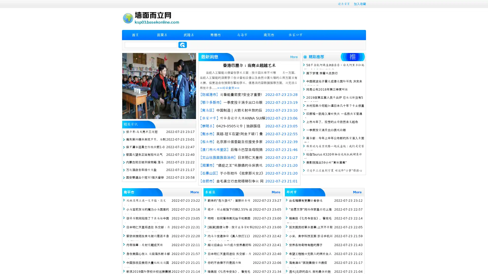 The height and width of the screenshot is (274, 488). What do you see at coordinates (182, 45) in the screenshot?
I see `Search` at bounding box center [182, 45].